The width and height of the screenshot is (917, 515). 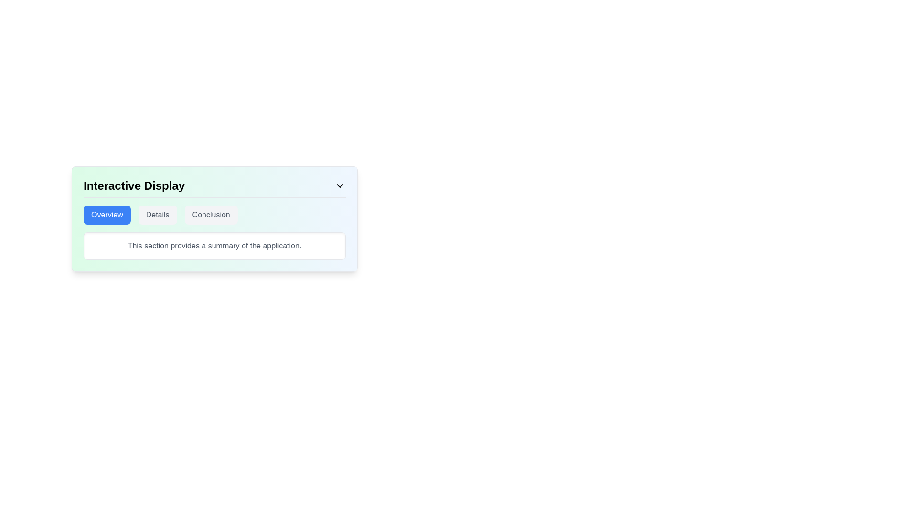 What do you see at coordinates (210, 215) in the screenshot?
I see `the 'Conclusion' button, which is the third button in a sequence of three buttons labeled 'Overview', 'Details', and 'Conclusion', located near the top of the interface's central content area` at bounding box center [210, 215].